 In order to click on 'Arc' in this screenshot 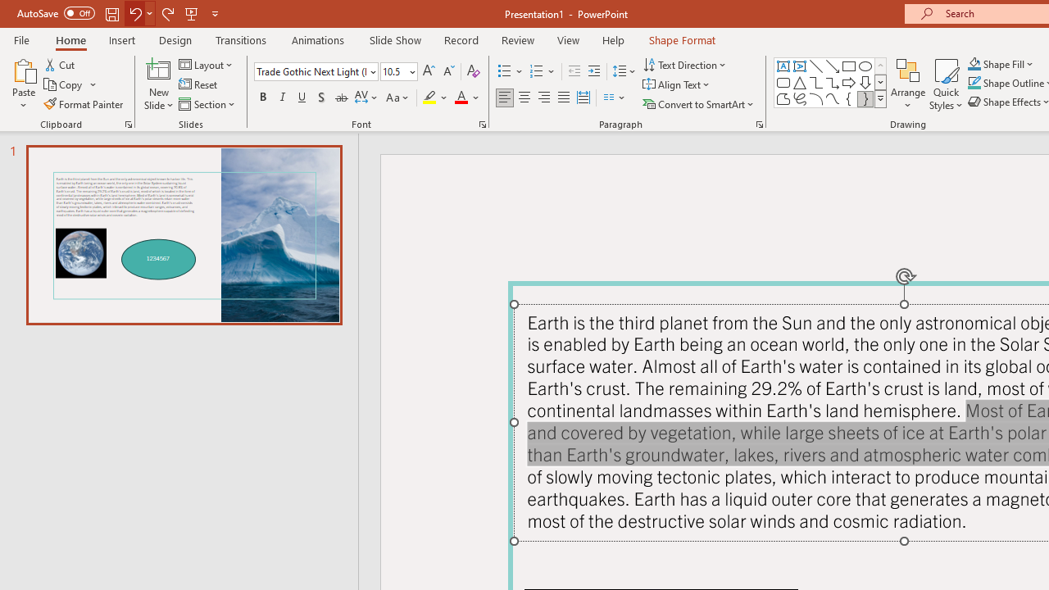, I will do `click(815, 98)`.